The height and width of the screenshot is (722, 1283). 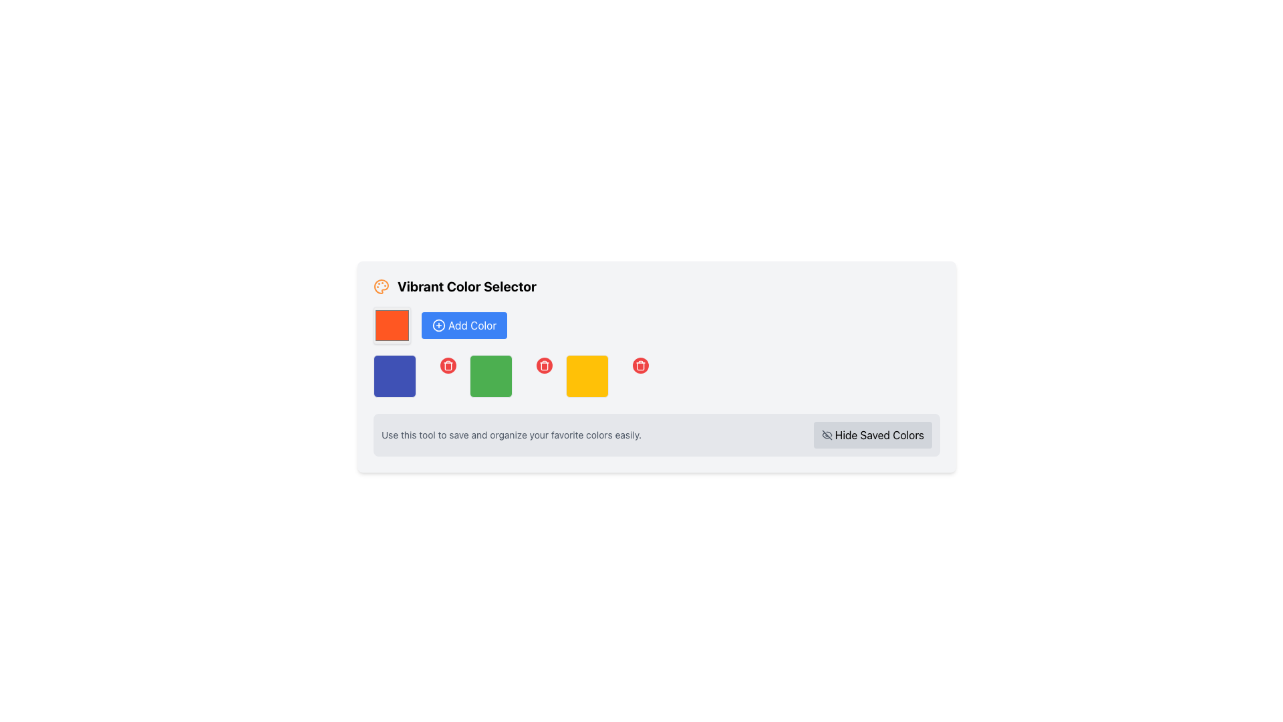 I want to click on the decorative palette icon, which is orange in color and located to the left of the title text 'Vibrant Color Selector', so click(x=381, y=285).